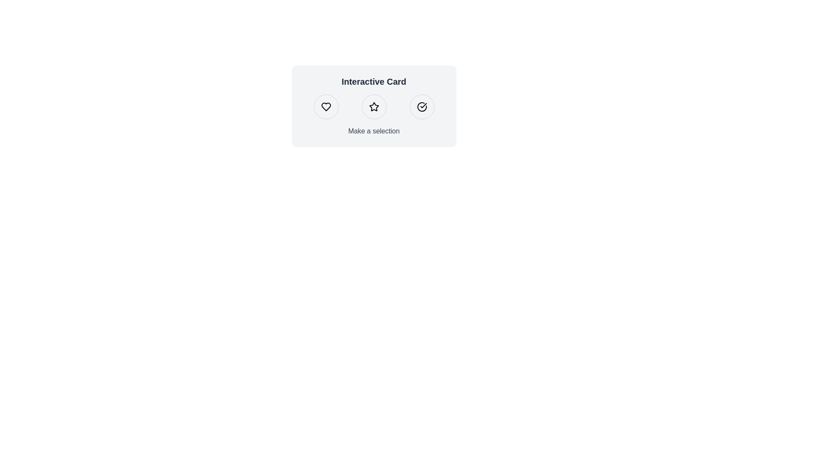  Describe the element at coordinates (423, 105) in the screenshot. I see `the checkmark icon within the rightmost button of three buttons located in the center of the card layout` at that location.